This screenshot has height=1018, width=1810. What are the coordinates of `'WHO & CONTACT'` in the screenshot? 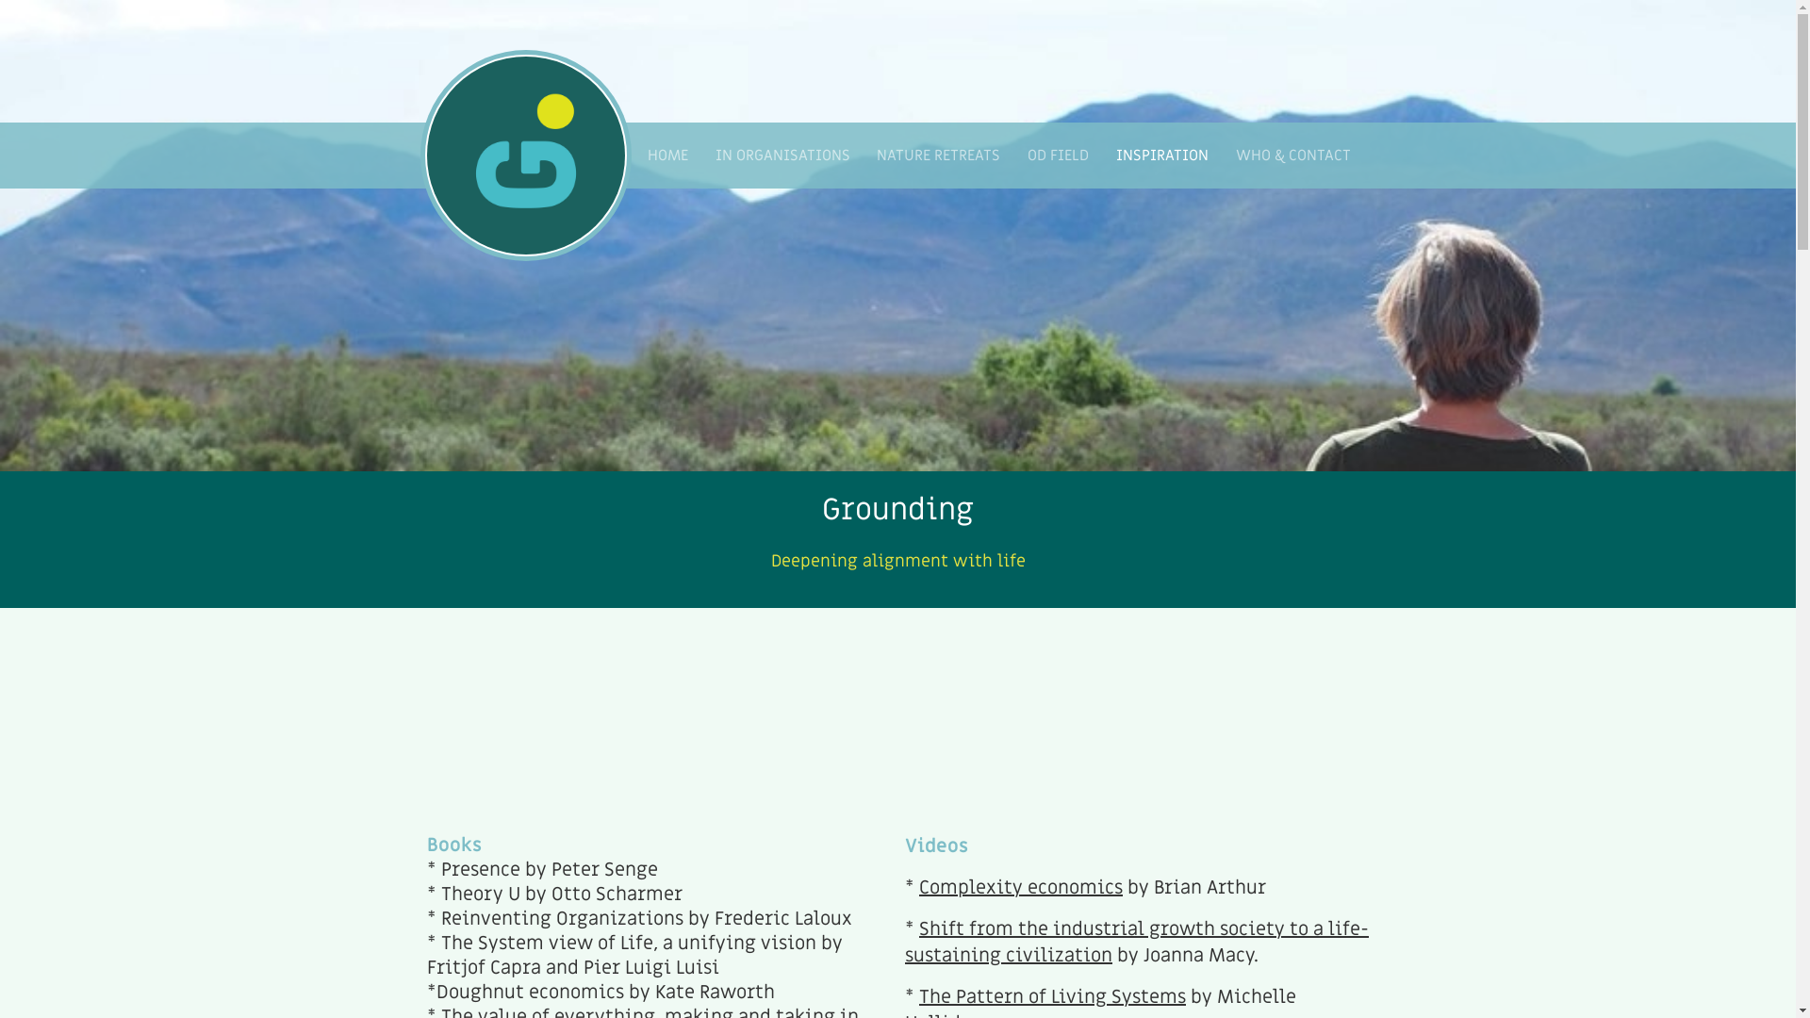 It's located at (1292, 155).